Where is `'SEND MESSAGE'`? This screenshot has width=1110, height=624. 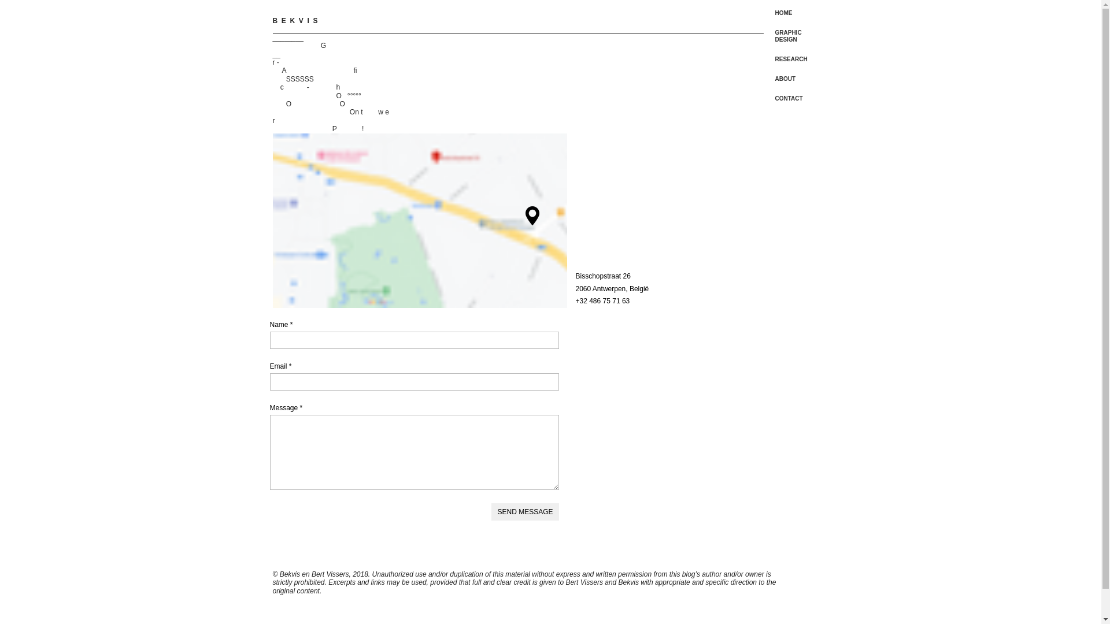
'SEND MESSAGE' is located at coordinates (524, 511).